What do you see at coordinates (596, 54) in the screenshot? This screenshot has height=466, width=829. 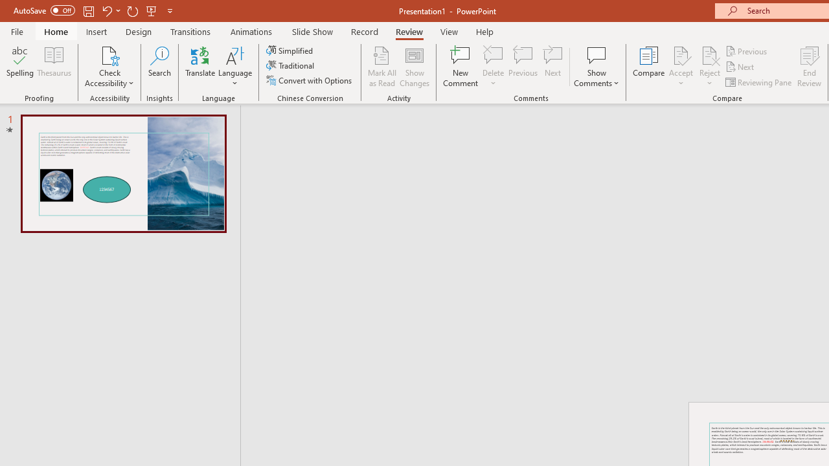 I see `'Show Comments'` at bounding box center [596, 54].